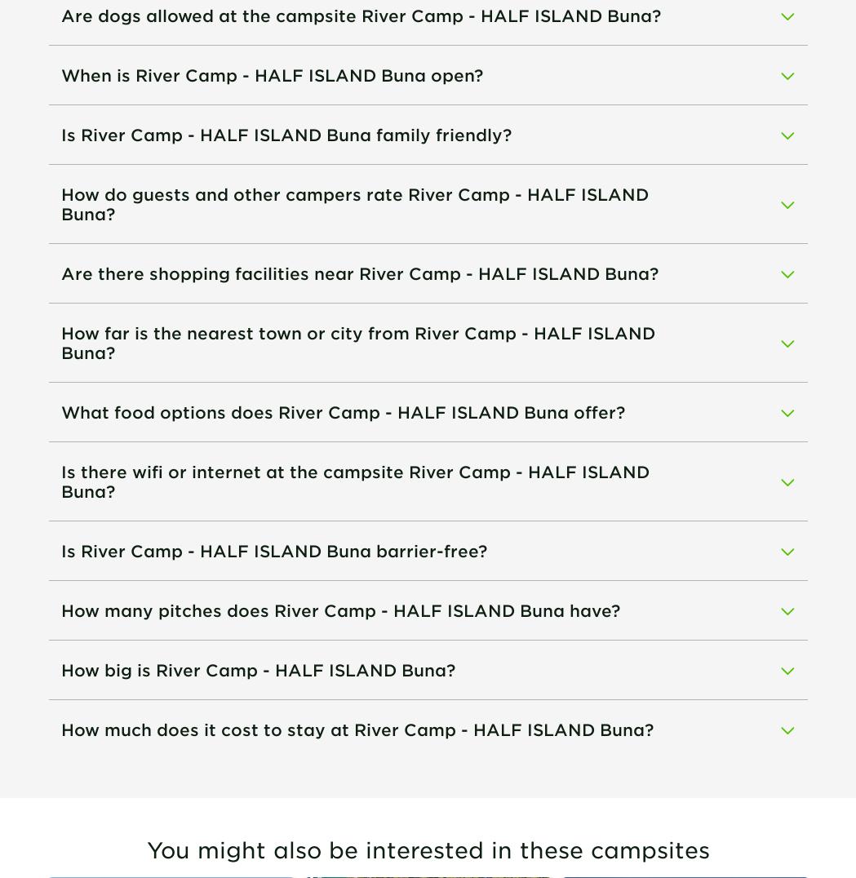 Image resolution: width=856 pixels, height=878 pixels. What do you see at coordinates (285, 134) in the screenshot?
I see `'Is River Camp - HALF ISLAND Buna family friendly?'` at bounding box center [285, 134].